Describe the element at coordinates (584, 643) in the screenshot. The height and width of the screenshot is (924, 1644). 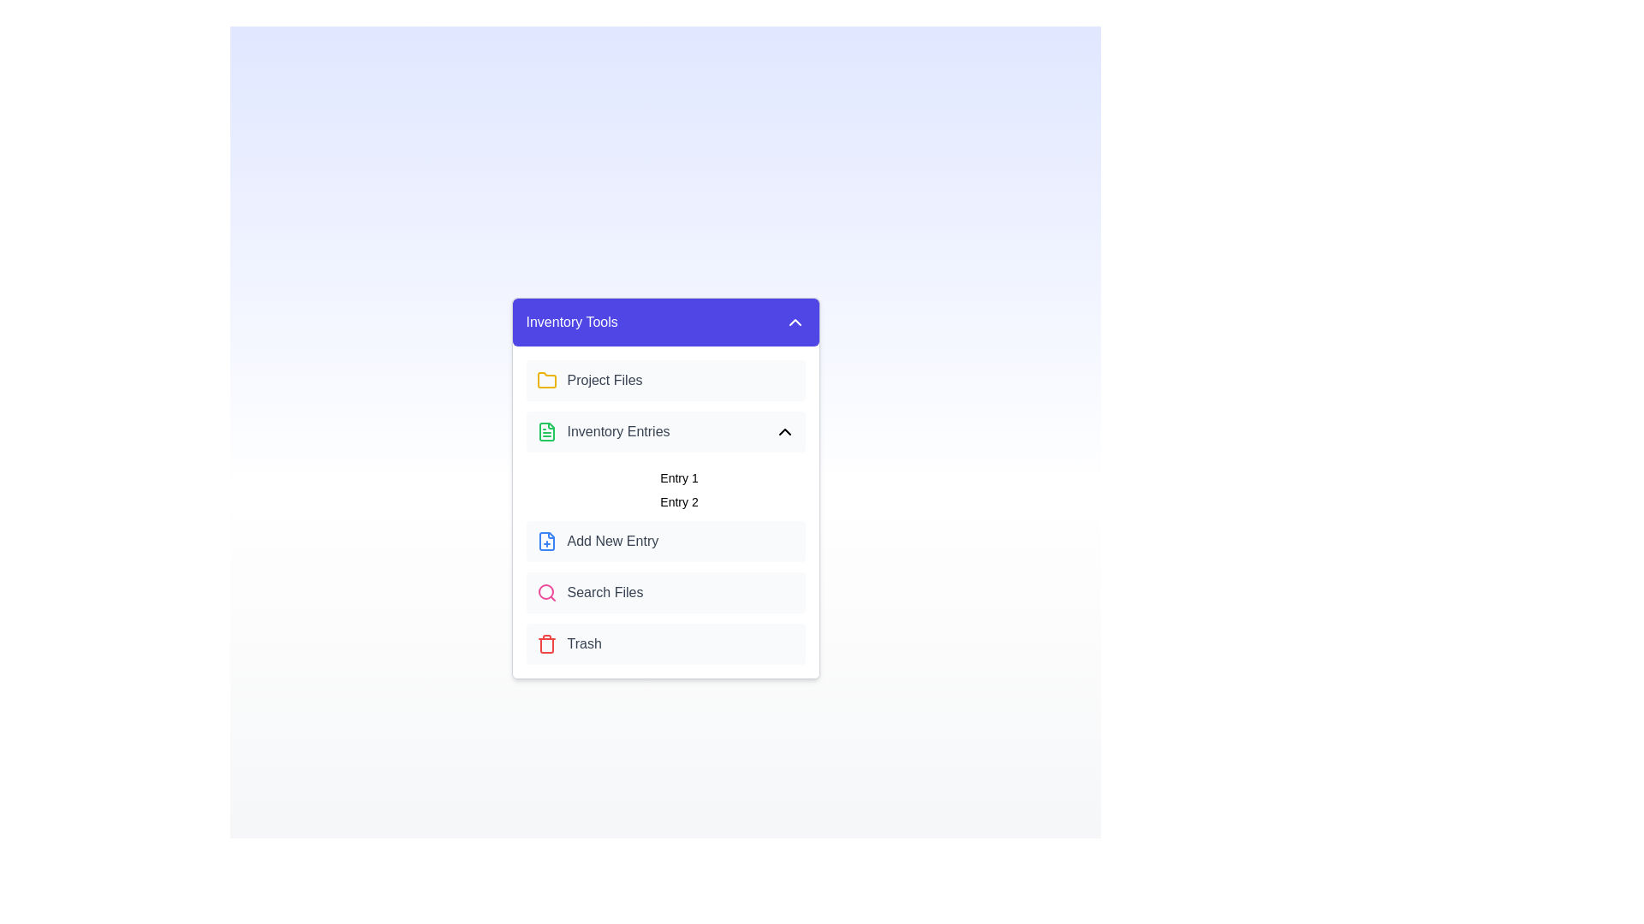
I see `the 'Trash' text label, which is styled with a gray font and located in the 'Inventory Tools' panel, adjacent to a red trash bin icon` at that location.